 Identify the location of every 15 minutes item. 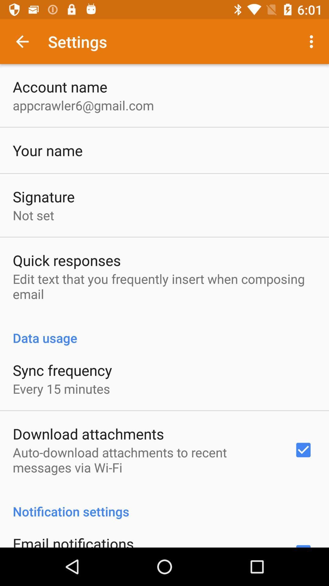
(61, 388).